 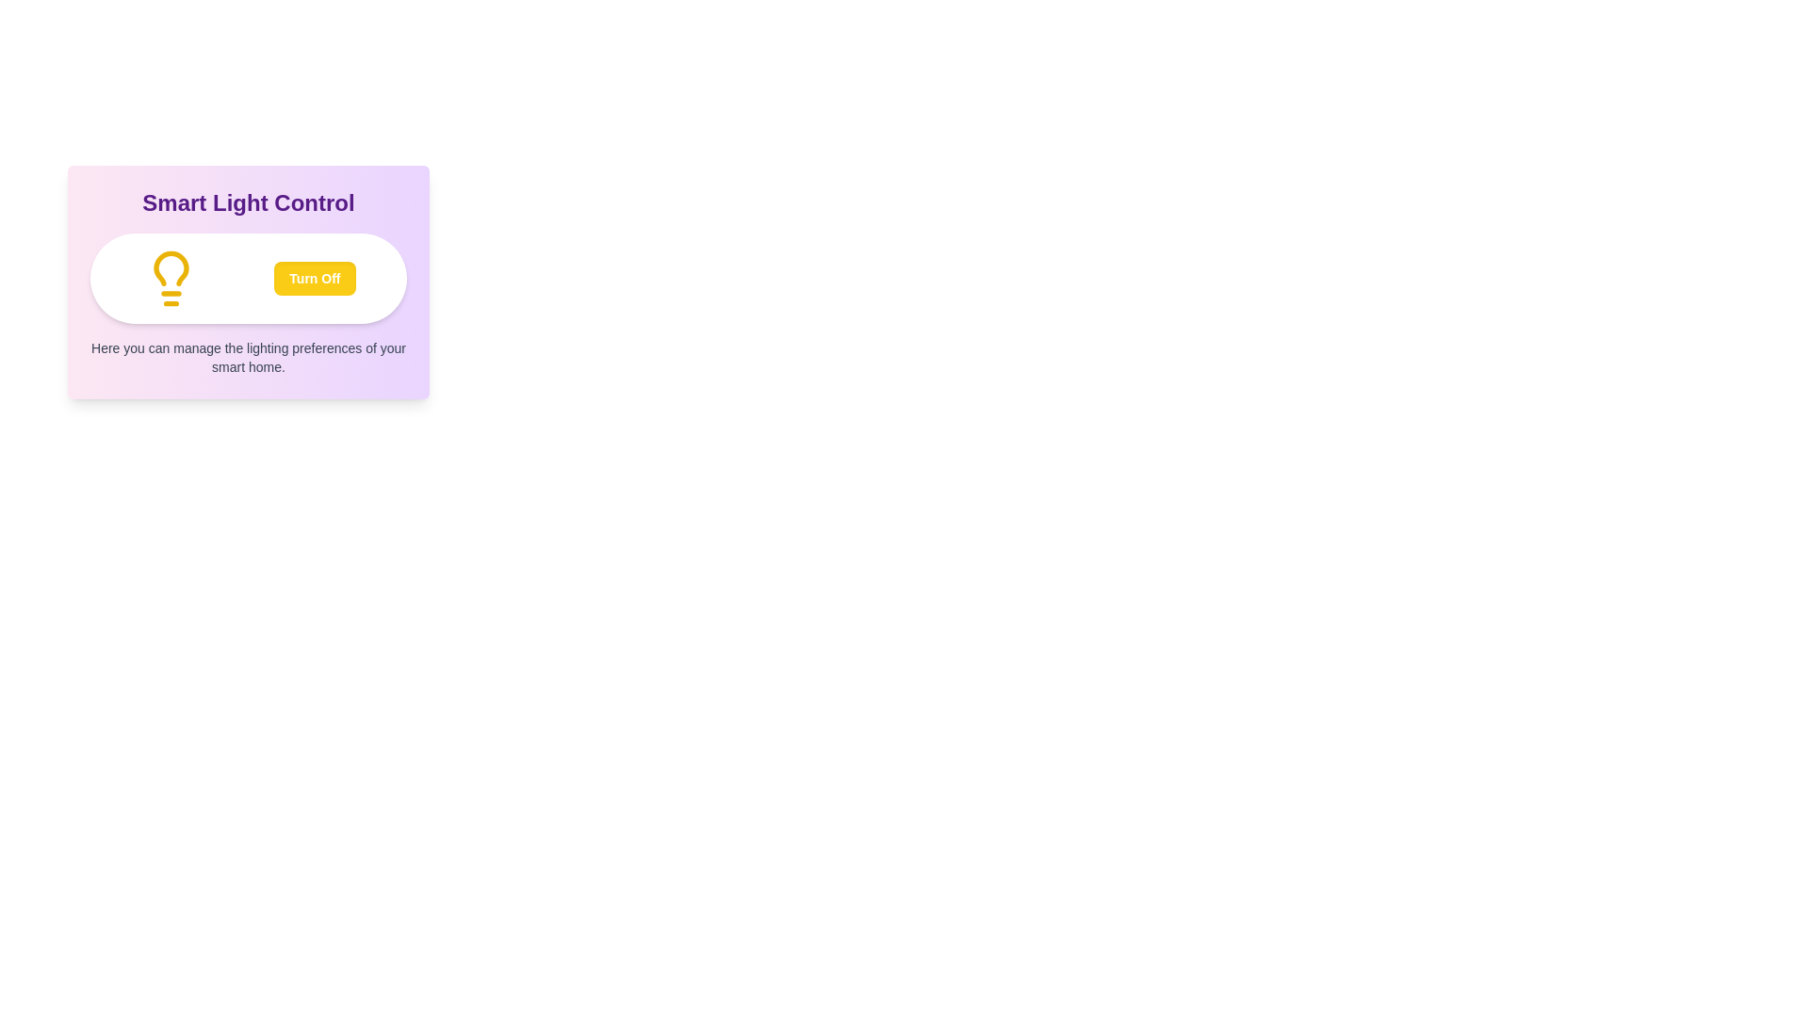 I want to click on the 'Turn Off' button to toggle the light state, so click(x=315, y=279).